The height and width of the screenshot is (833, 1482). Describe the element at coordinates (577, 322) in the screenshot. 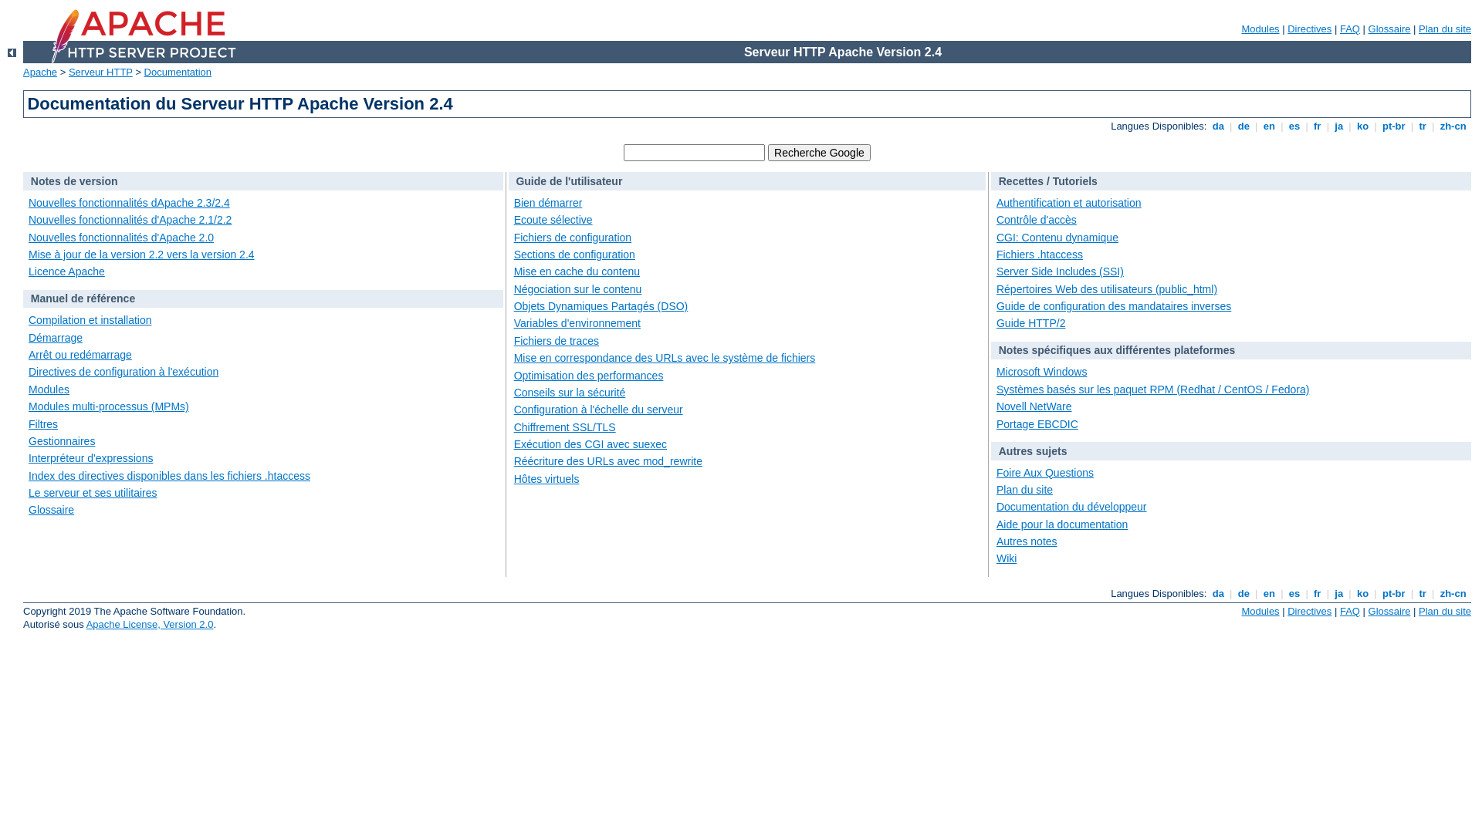

I see `'Variables d'environnement'` at that location.